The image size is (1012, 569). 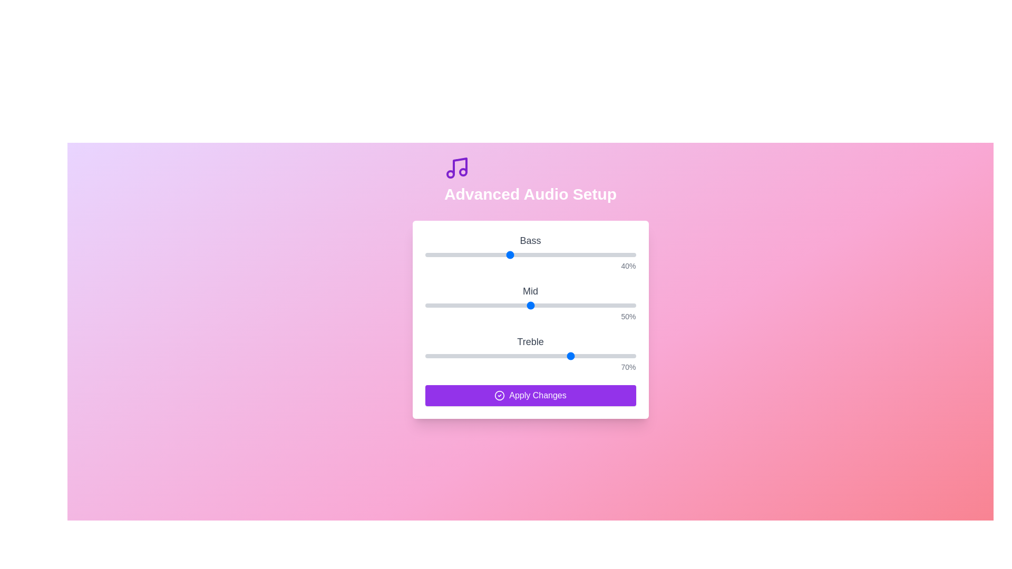 I want to click on the 1 slider to 66%, so click(x=563, y=305).